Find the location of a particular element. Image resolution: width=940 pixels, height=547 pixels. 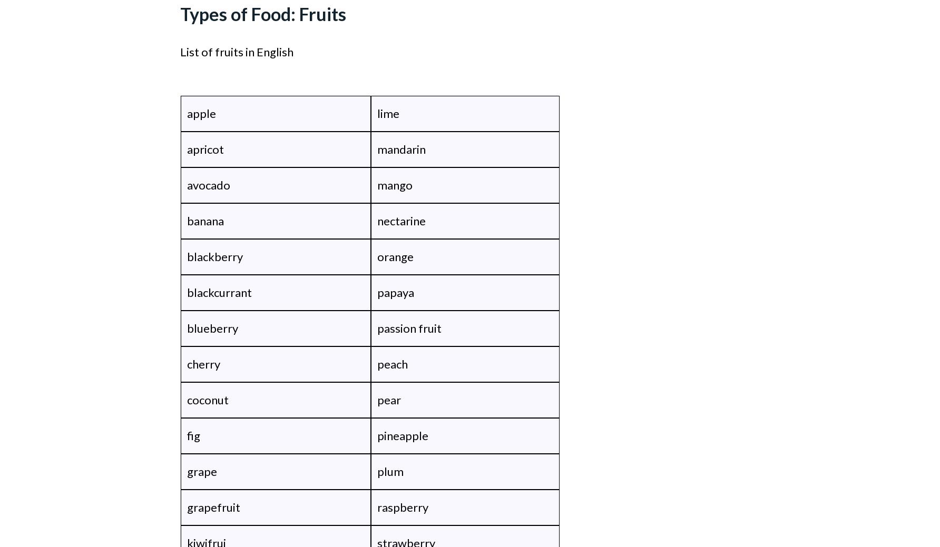

'apple' is located at coordinates (201, 113).